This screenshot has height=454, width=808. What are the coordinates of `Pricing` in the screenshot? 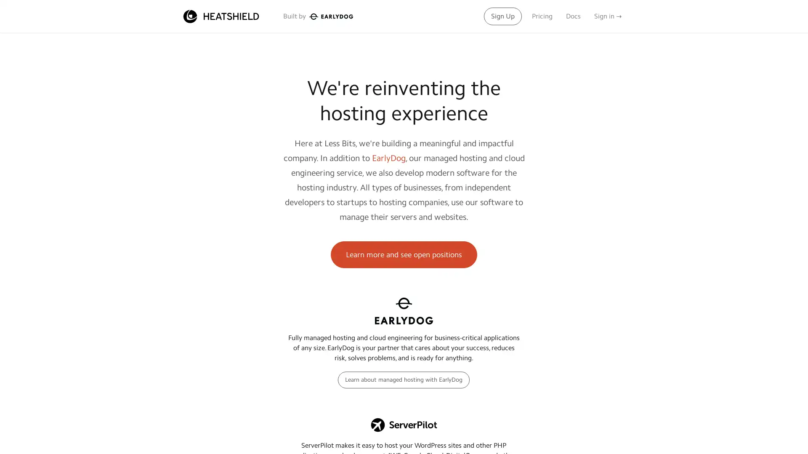 It's located at (542, 16).